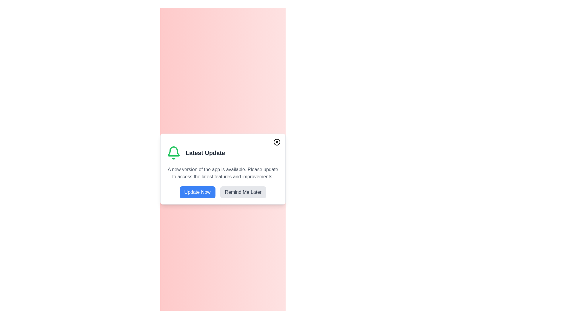  What do you see at coordinates (243, 192) in the screenshot?
I see `the 'Remind Me Later' button` at bounding box center [243, 192].